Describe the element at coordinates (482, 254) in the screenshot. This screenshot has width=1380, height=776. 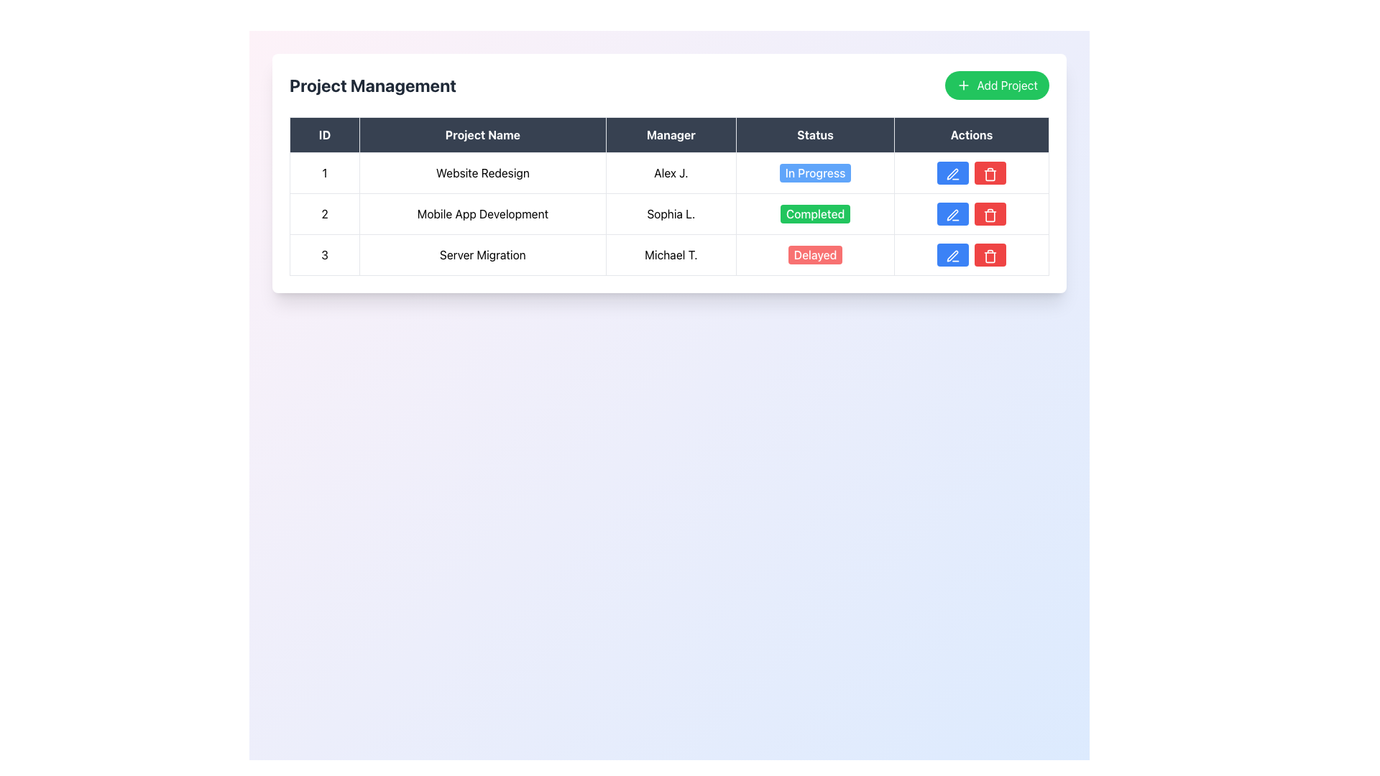
I see `the static text element displaying the project name 'Server Migration' in the 'Project Management' table, specifically located in the second column of the third row` at that location.